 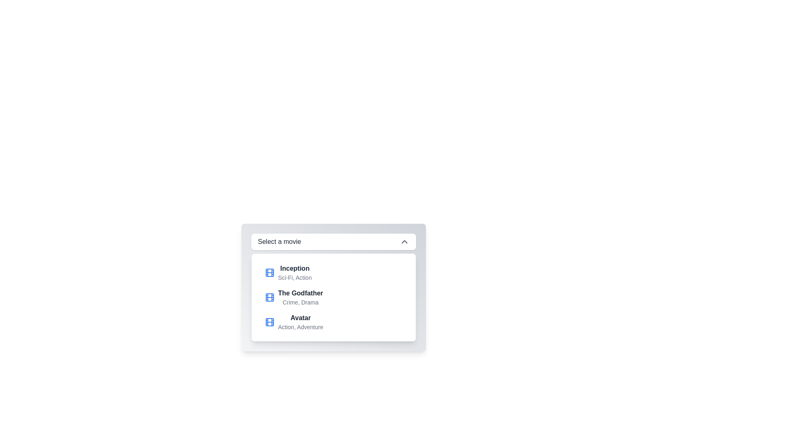 What do you see at coordinates (294, 297) in the screenshot?
I see `the list item representing the movie 'The Godfather'` at bounding box center [294, 297].